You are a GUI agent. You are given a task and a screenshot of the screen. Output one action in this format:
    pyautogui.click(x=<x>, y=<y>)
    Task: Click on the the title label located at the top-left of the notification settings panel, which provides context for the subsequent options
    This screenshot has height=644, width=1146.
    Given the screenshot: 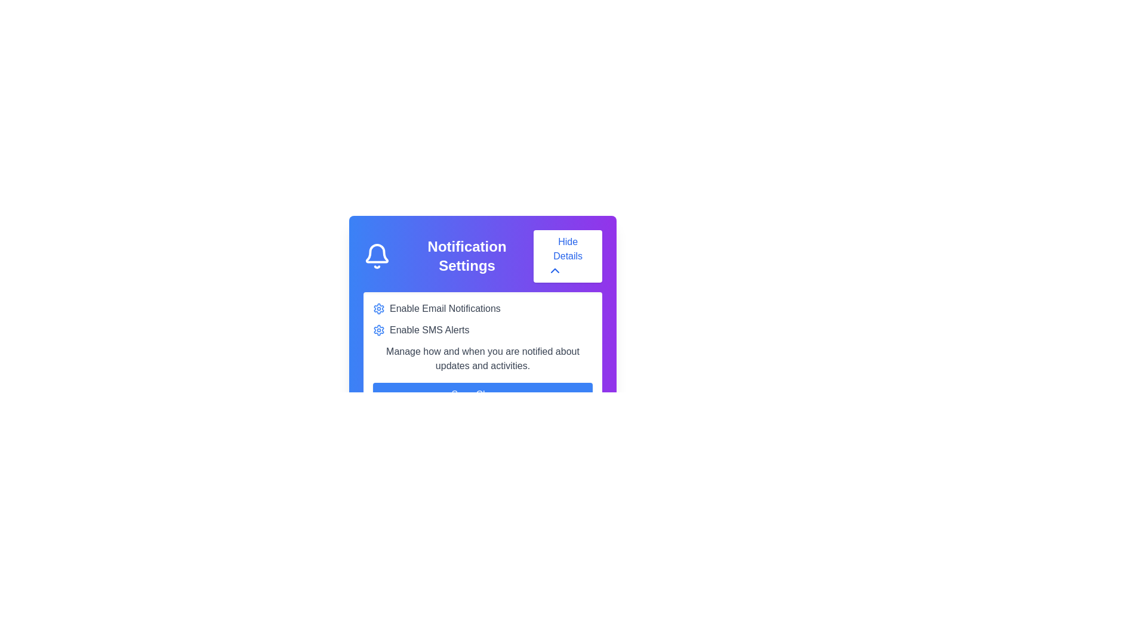 What is the action you would take?
    pyautogui.click(x=448, y=255)
    